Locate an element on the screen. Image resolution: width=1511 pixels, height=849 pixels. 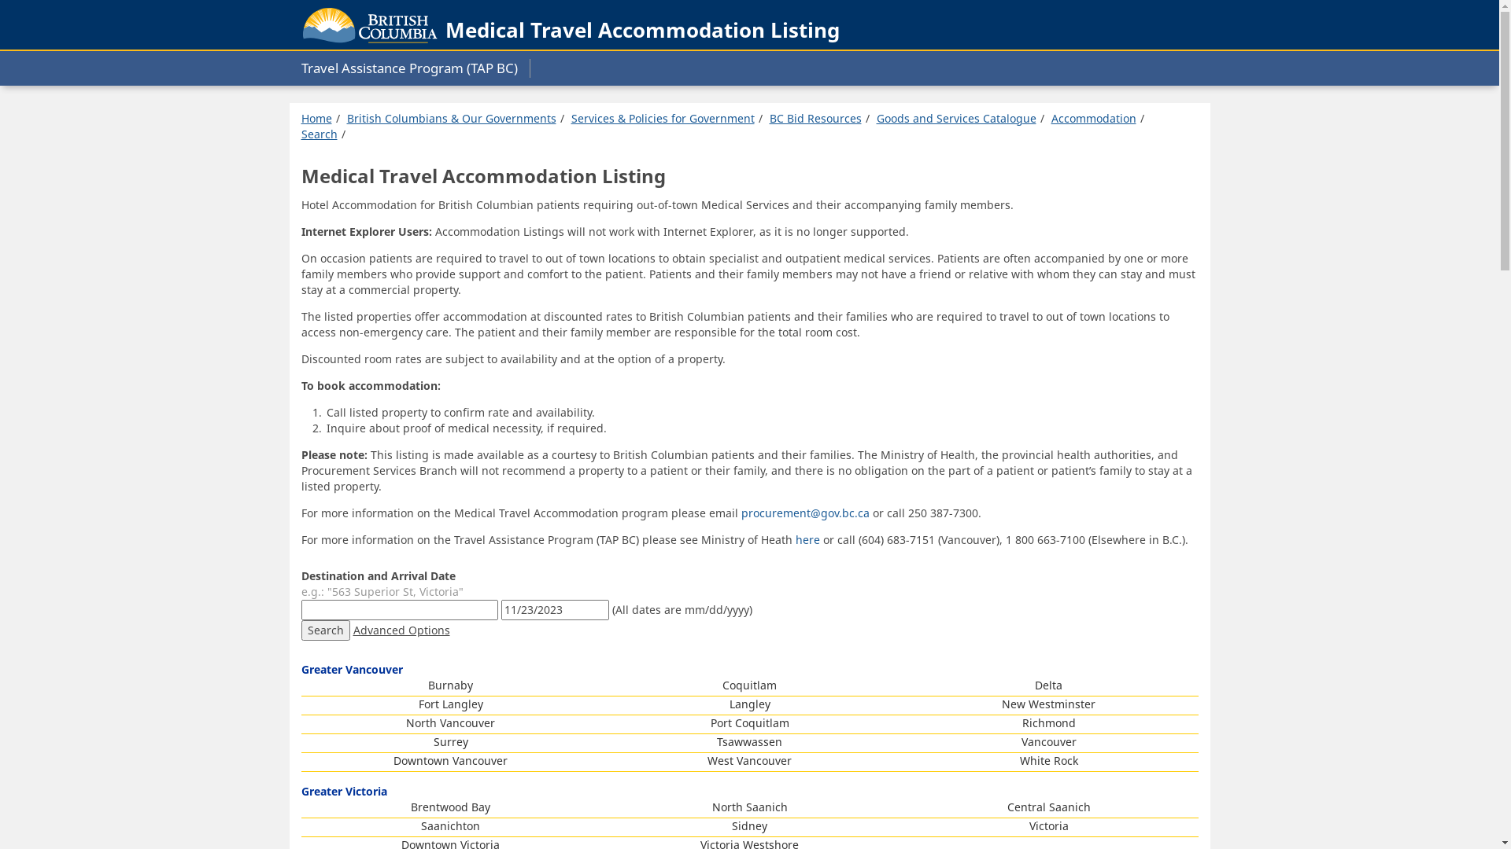
'Home' is located at coordinates (315, 117).